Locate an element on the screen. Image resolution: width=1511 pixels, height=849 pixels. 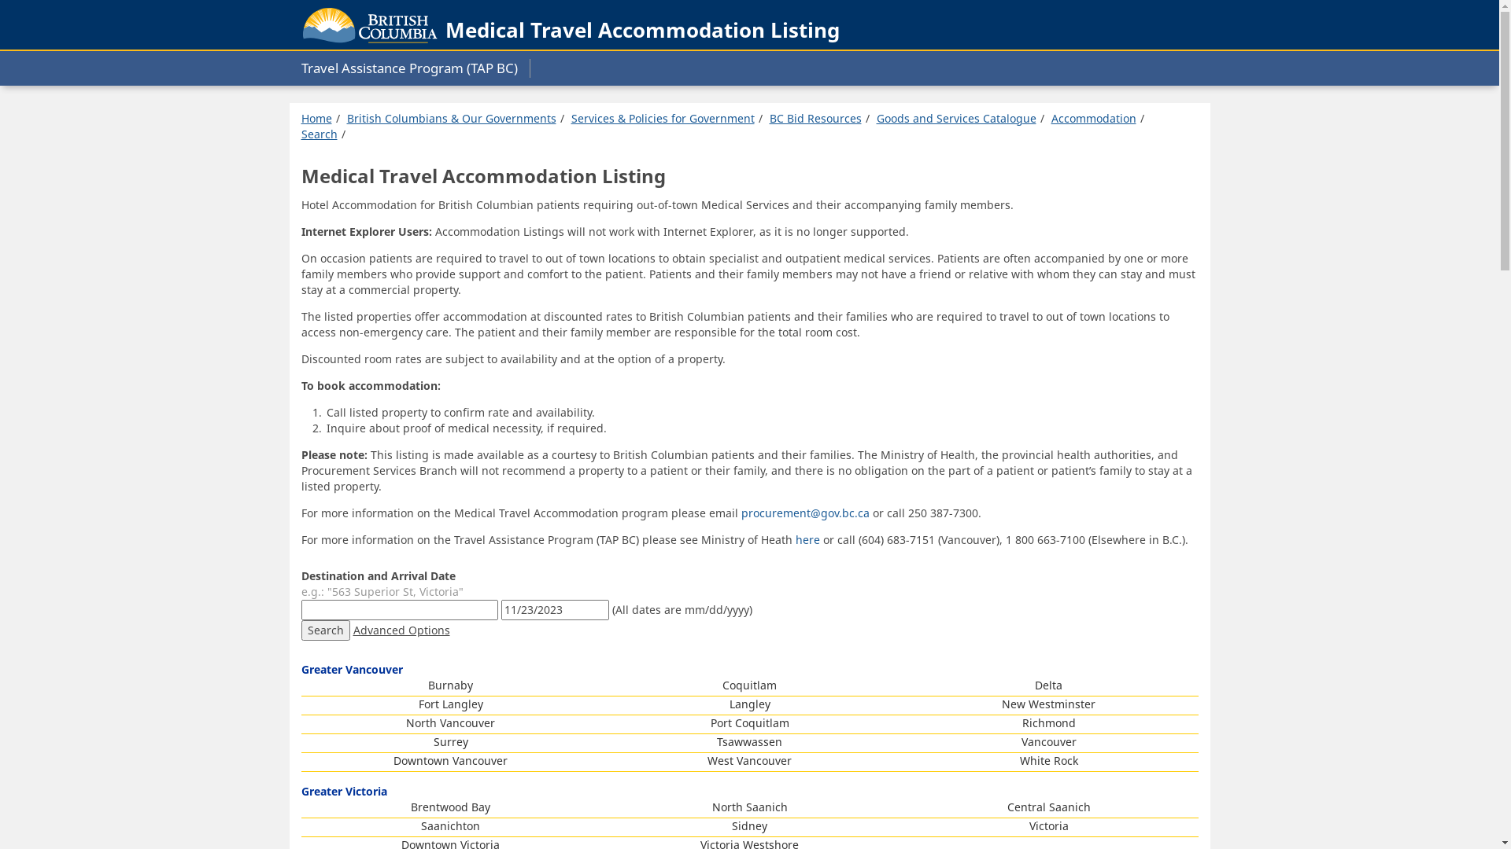
'Home' is located at coordinates (315, 117).